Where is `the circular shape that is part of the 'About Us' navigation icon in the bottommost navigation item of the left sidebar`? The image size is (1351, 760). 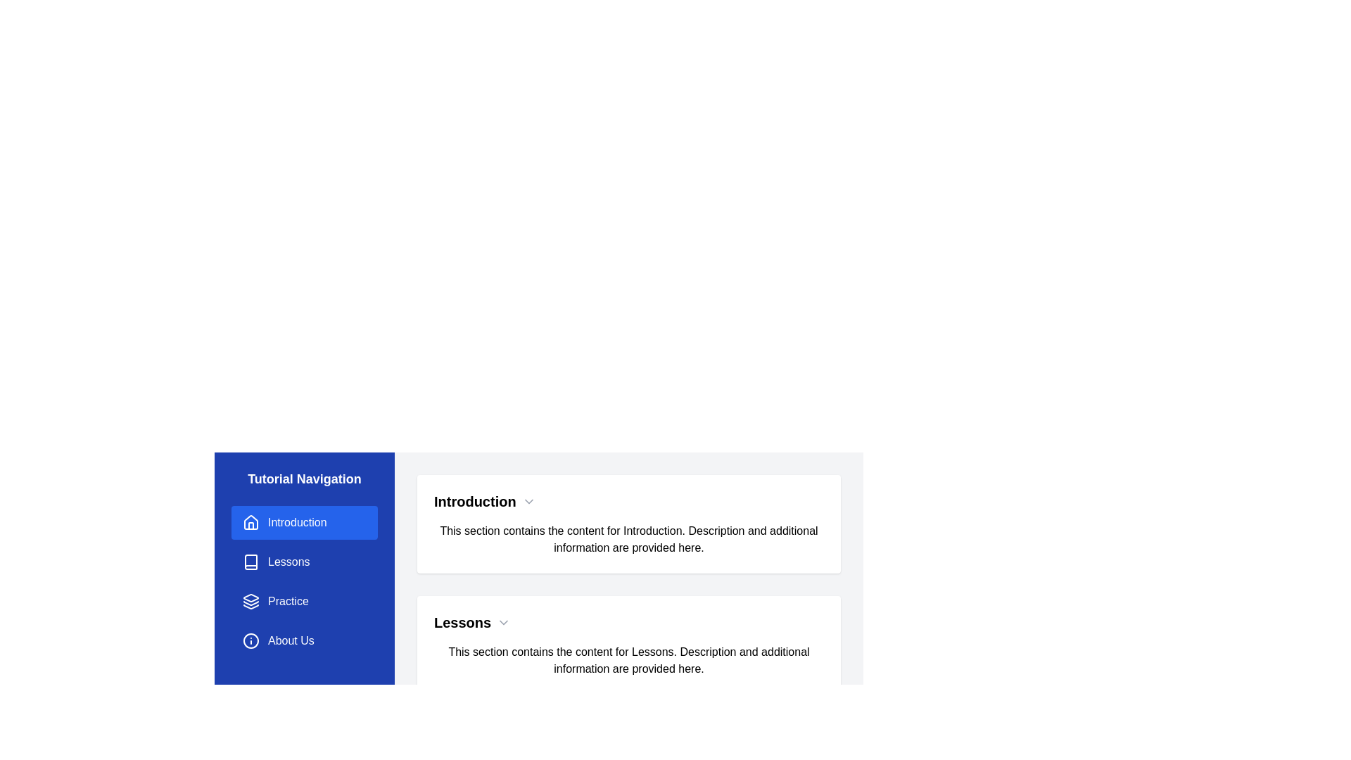 the circular shape that is part of the 'About Us' navigation icon in the bottommost navigation item of the left sidebar is located at coordinates (250, 640).